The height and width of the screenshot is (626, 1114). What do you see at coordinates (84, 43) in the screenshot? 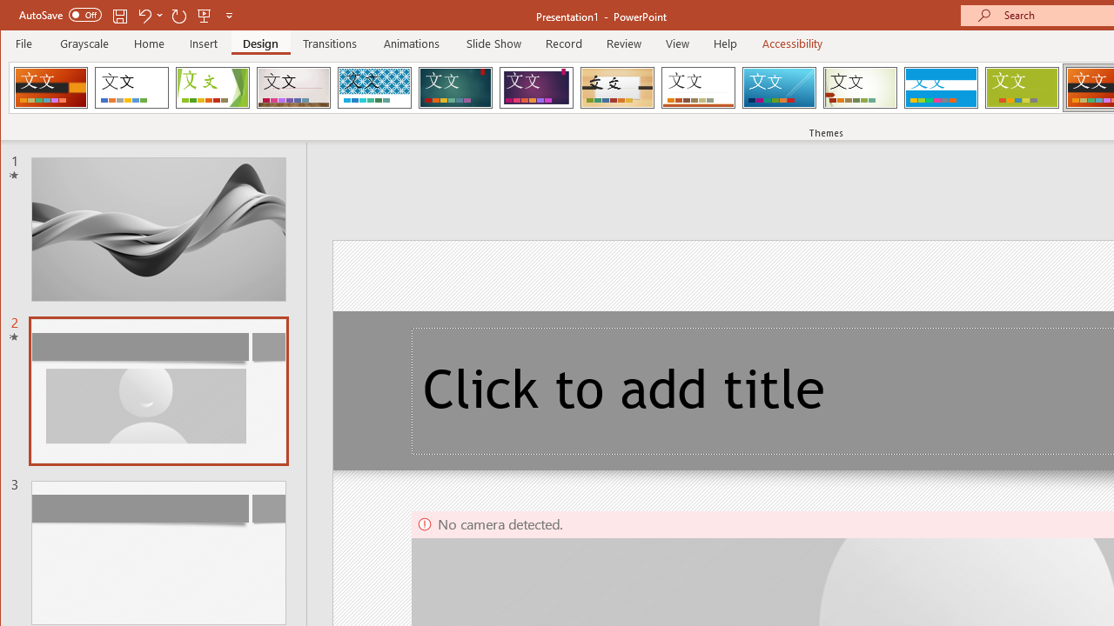
I see `'Grayscale'` at bounding box center [84, 43].